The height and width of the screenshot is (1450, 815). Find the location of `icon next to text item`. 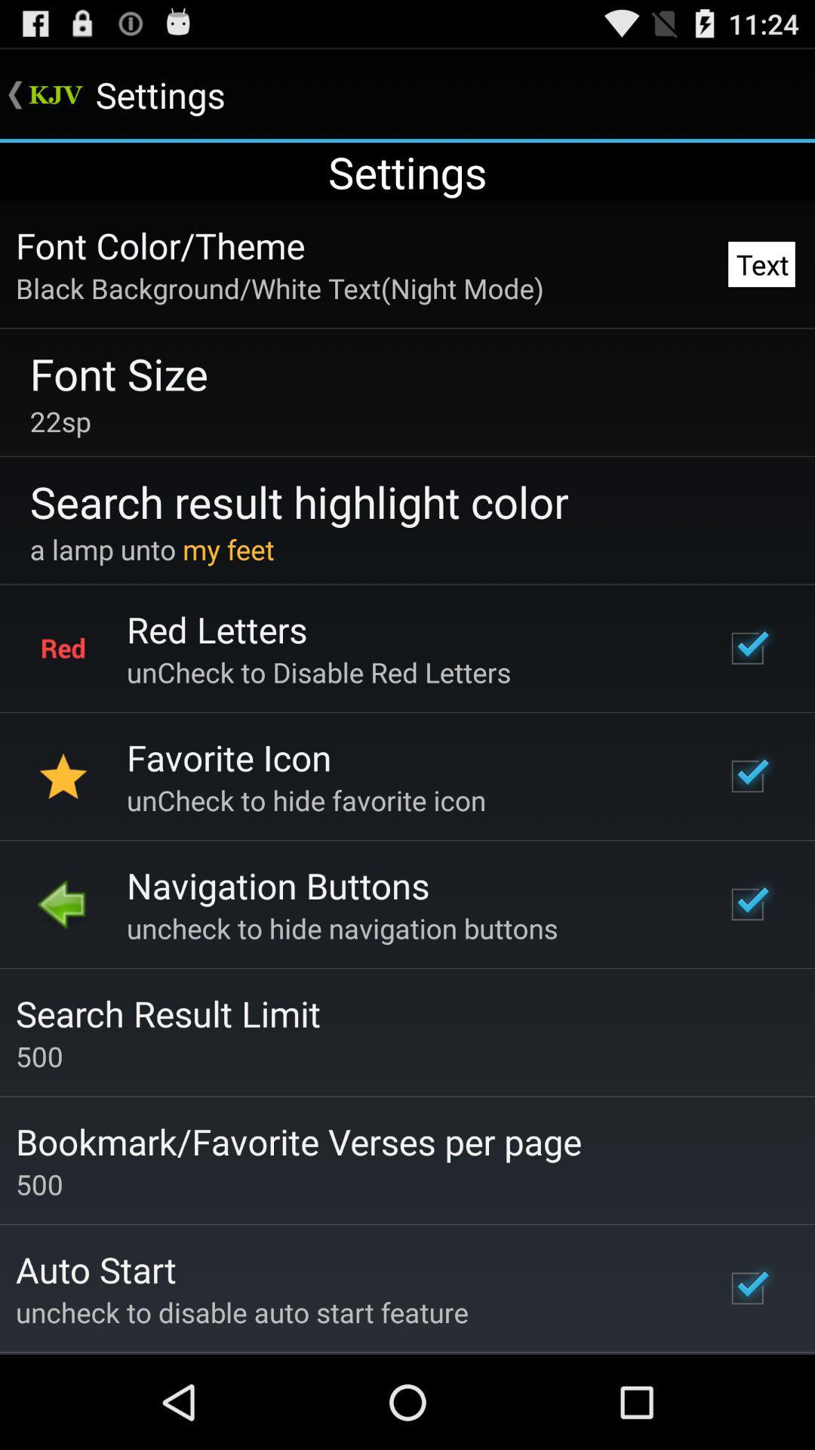

icon next to text item is located at coordinates (279, 288).